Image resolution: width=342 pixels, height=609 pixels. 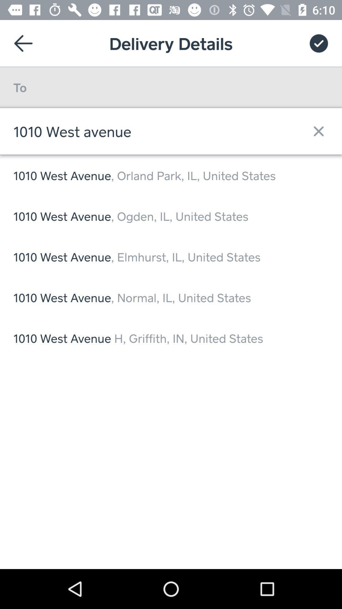 I want to click on the close icon, so click(x=315, y=131).